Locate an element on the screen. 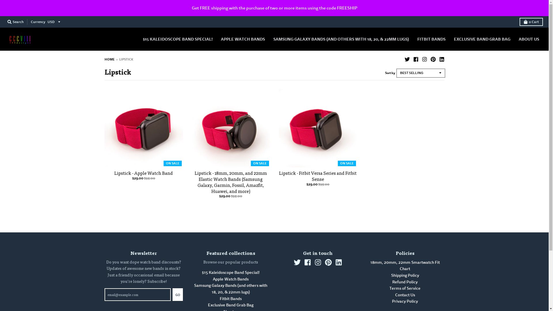 The width and height of the screenshot is (553, 311). 'HOME' is located at coordinates (104, 59).